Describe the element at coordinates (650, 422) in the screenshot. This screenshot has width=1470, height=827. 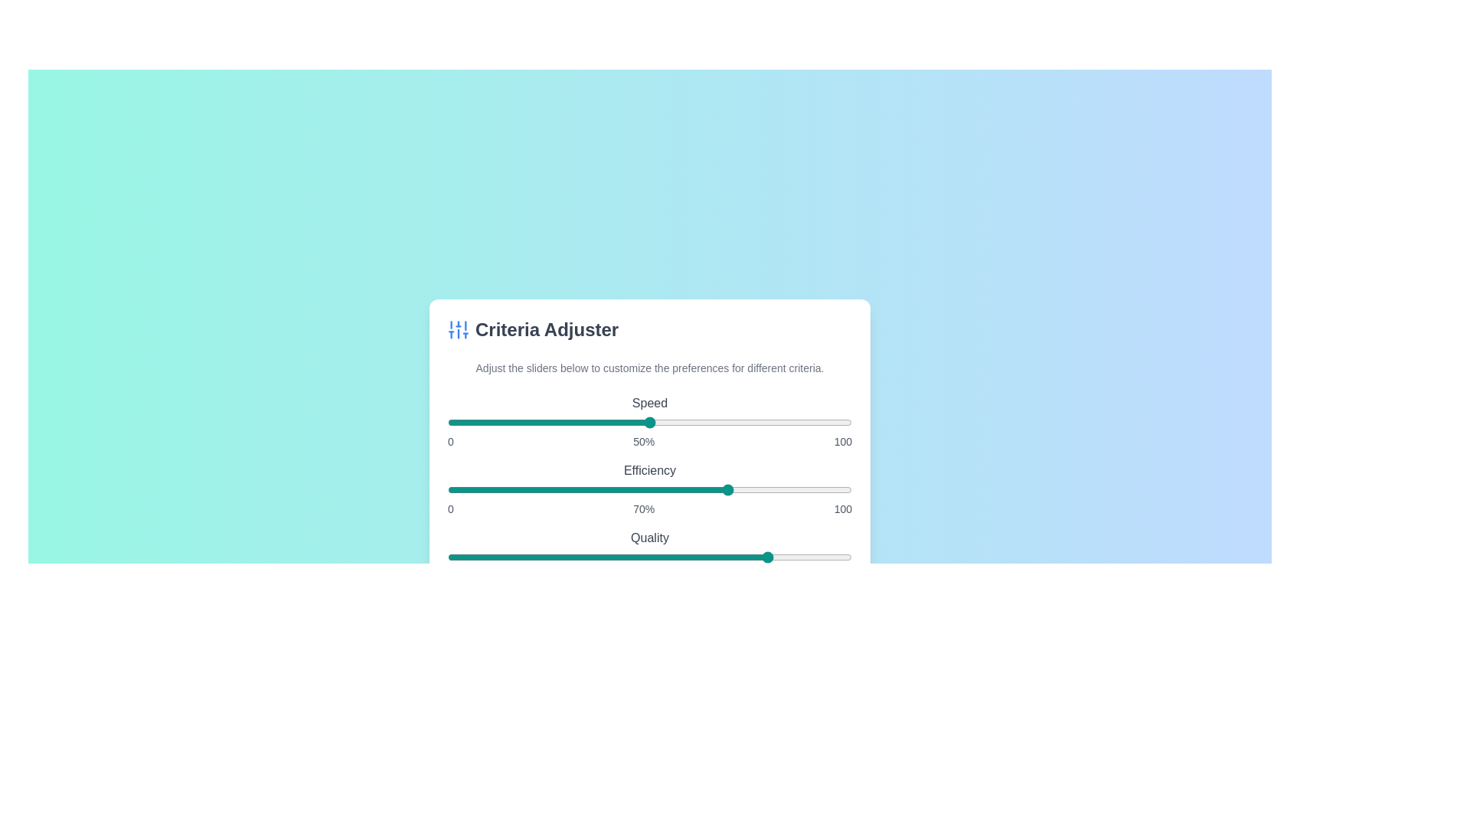
I see `the slider labeled 'Speed' to display its value` at that location.